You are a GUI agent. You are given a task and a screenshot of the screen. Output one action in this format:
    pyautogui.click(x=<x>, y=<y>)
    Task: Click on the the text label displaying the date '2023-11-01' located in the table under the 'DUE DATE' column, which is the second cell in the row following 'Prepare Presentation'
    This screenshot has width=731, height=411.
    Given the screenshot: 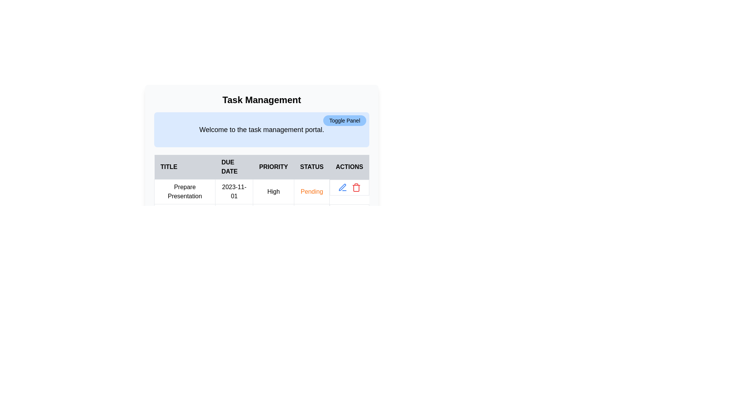 What is the action you would take?
    pyautogui.click(x=234, y=191)
    